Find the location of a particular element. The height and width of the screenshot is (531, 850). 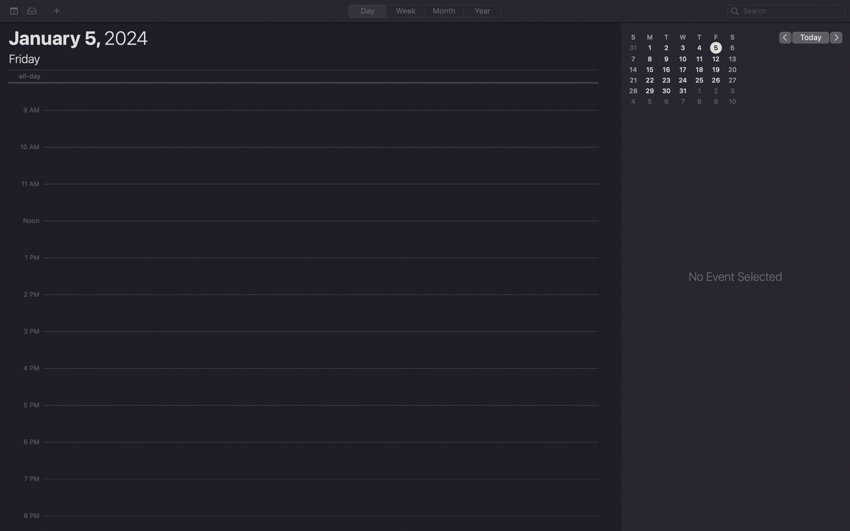

Opt for a daily view on the calendar is located at coordinates (367, 11).